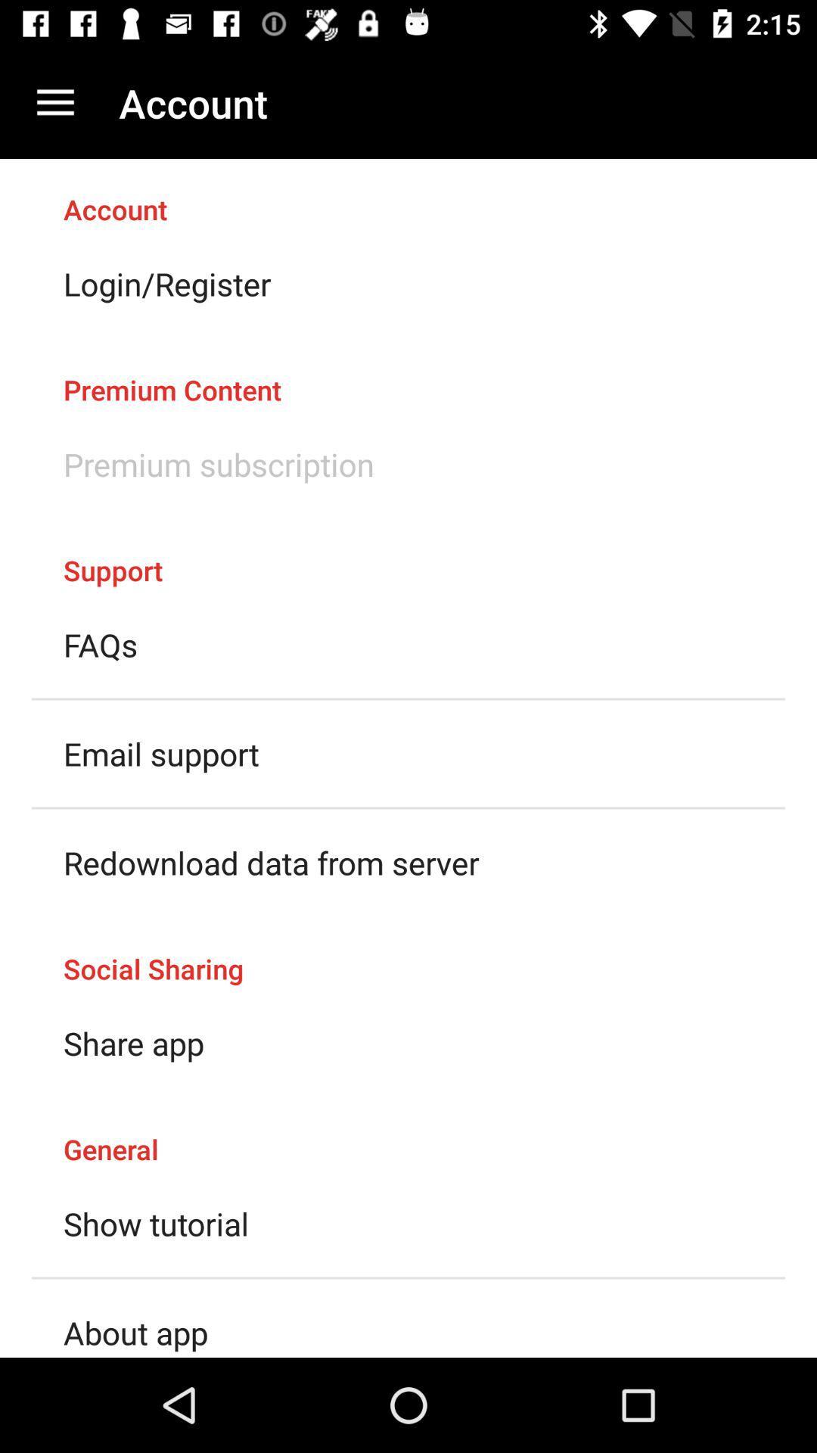 This screenshot has width=817, height=1453. What do you see at coordinates (161, 754) in the screenshot?
I see `email support icon` at bounding box center [161, 754].